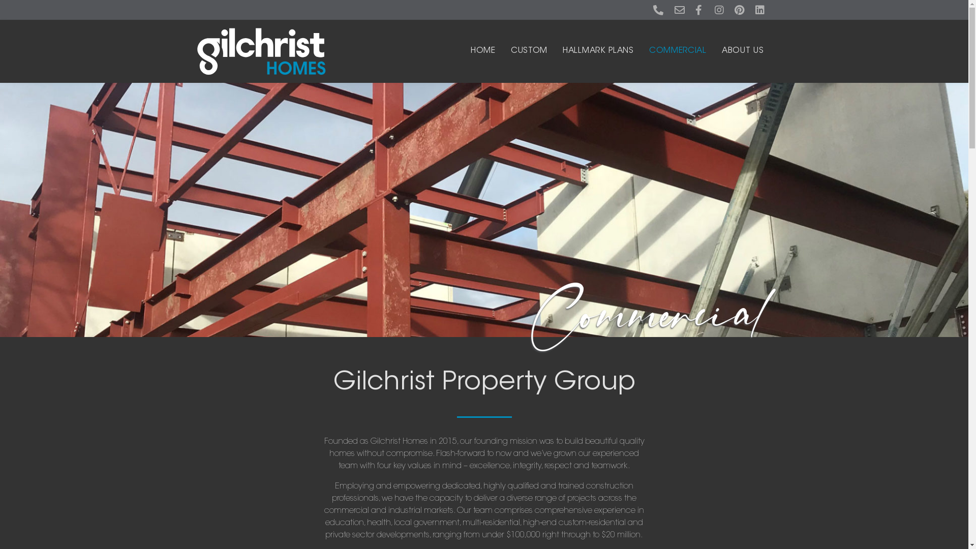 The width and height of the screenshot is (976, 549). Describe the element at coordinates (678, 51) in the screenshot. I see `'COMMERCIAL'` at that location.